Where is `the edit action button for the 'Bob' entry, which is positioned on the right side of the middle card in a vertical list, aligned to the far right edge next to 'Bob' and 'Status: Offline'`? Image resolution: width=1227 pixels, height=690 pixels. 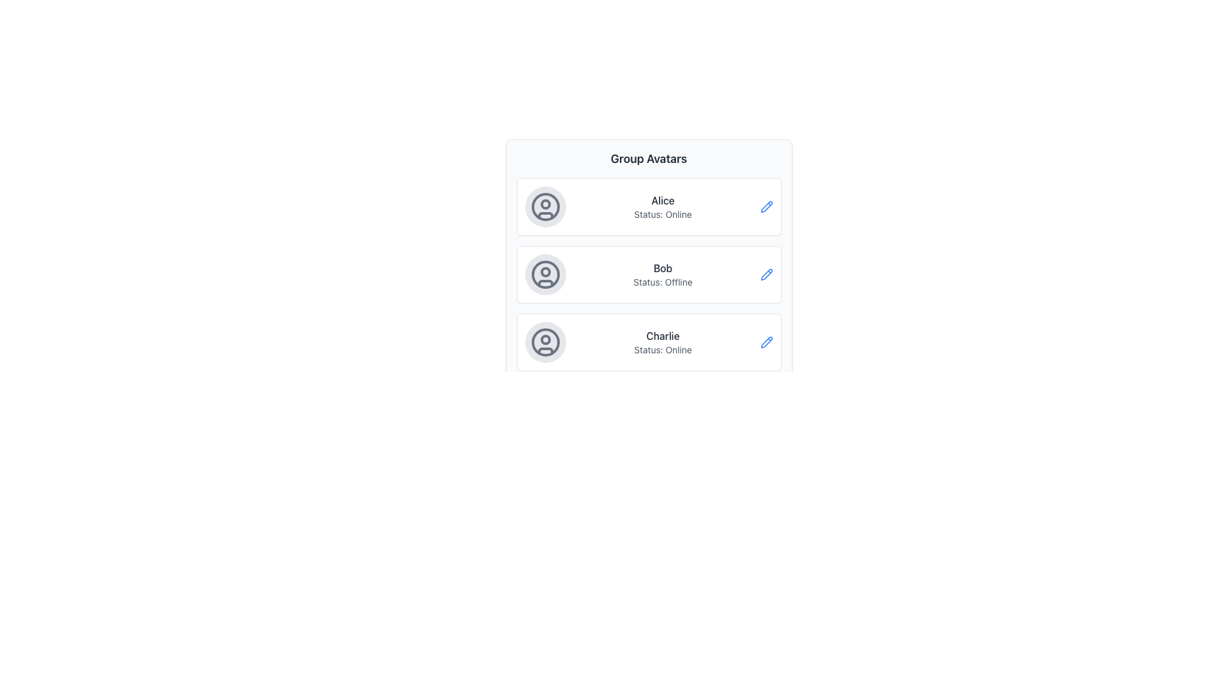
the edit action button for the 'Bob' entry, which is positioned on the right side of the middle card in a vertical list, aligned to the far right edge next to 'Bob' and 'Status: Offline' is located at coordinates (766, 273).